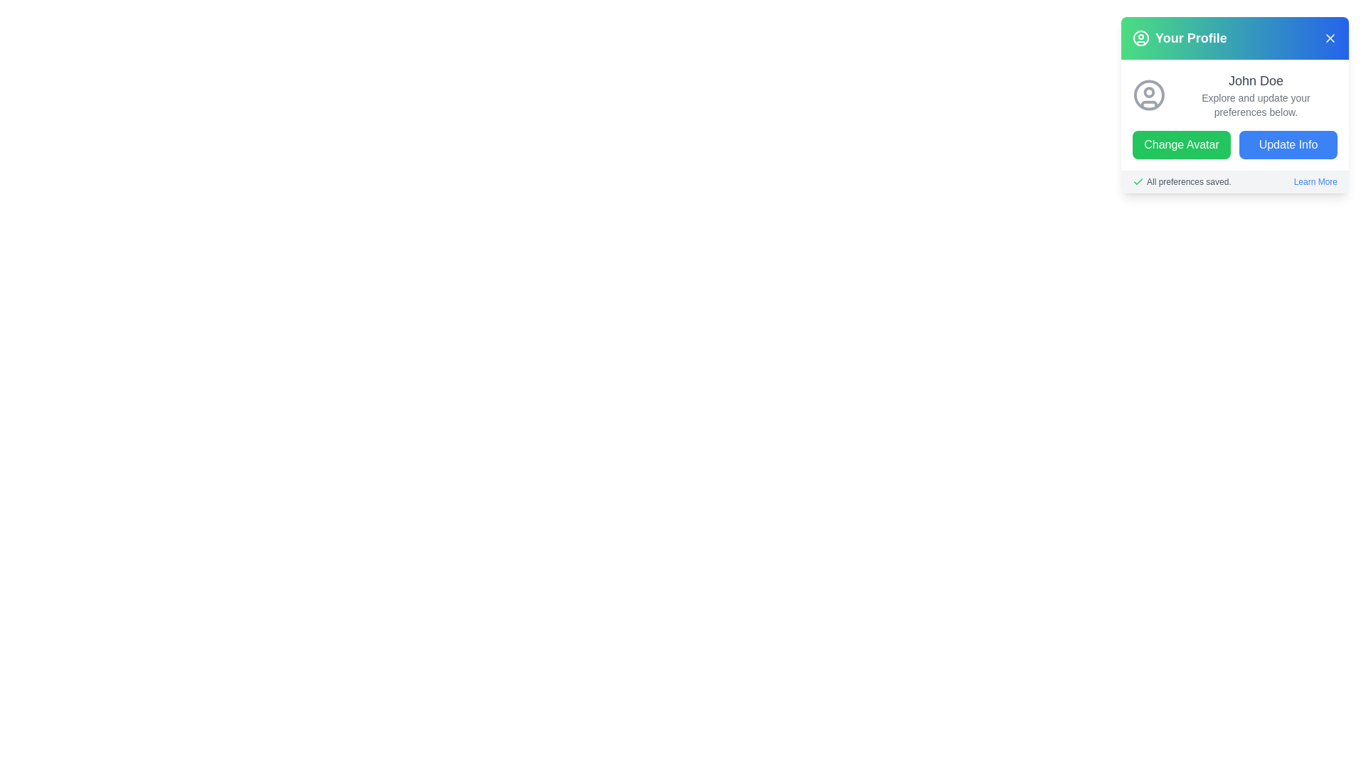 This screenshot has height=768, width=1366. What do you see at coordinates (1256, 95) in the screenshot?
I see `the text display block that shows the user's name and encourages exploring preferences, located centrally in the user profile panel` at bounding box center [1256, 95].